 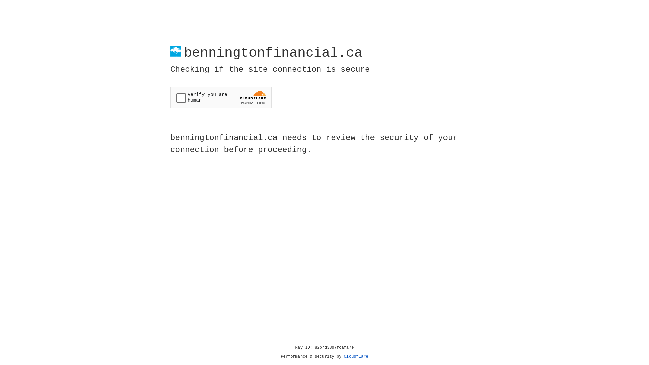 What do you see at coordinates (221, 97) in the screenshot?
I see `'Widget containing a Cloudflare security challenge'` at bounding box center [221, 97].